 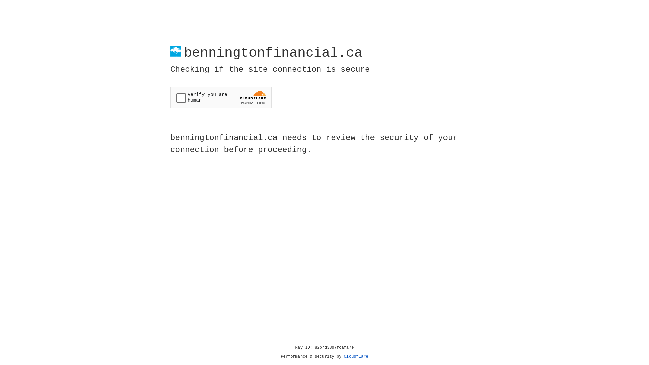 What do you see at coordinates (221, 97) in the screenshot?
I see `'Widget containing a Cloudflare security challenge'` at bounding box center [221, 97].